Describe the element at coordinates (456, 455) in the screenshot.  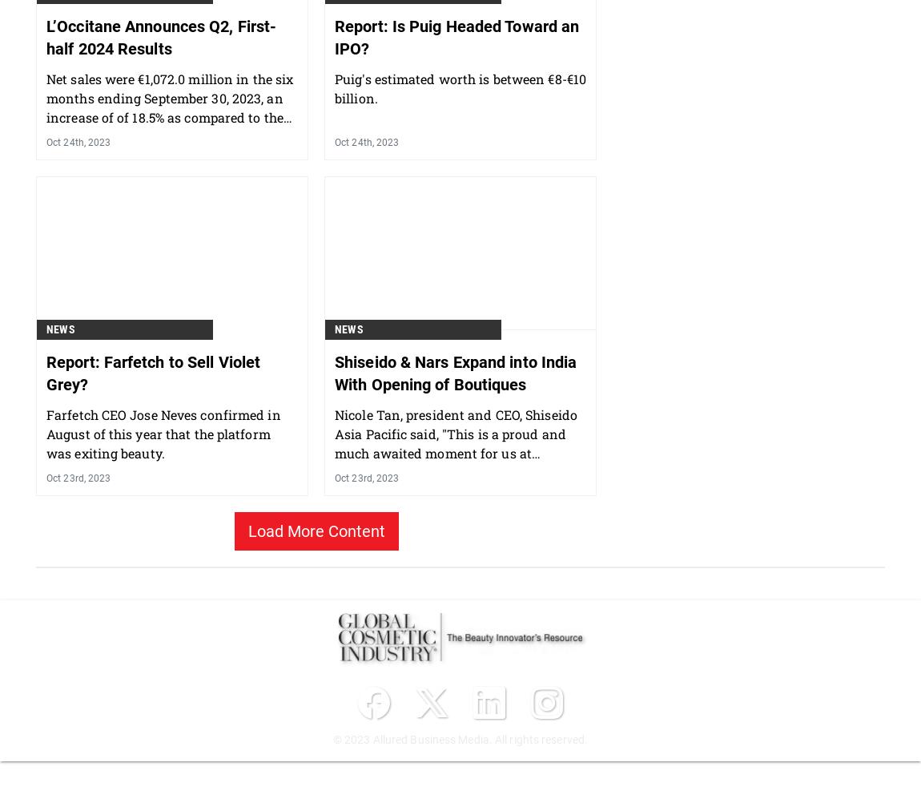
I see `'Shiseido & Nars Expand into India With Opening of Boutiques'` at that location.